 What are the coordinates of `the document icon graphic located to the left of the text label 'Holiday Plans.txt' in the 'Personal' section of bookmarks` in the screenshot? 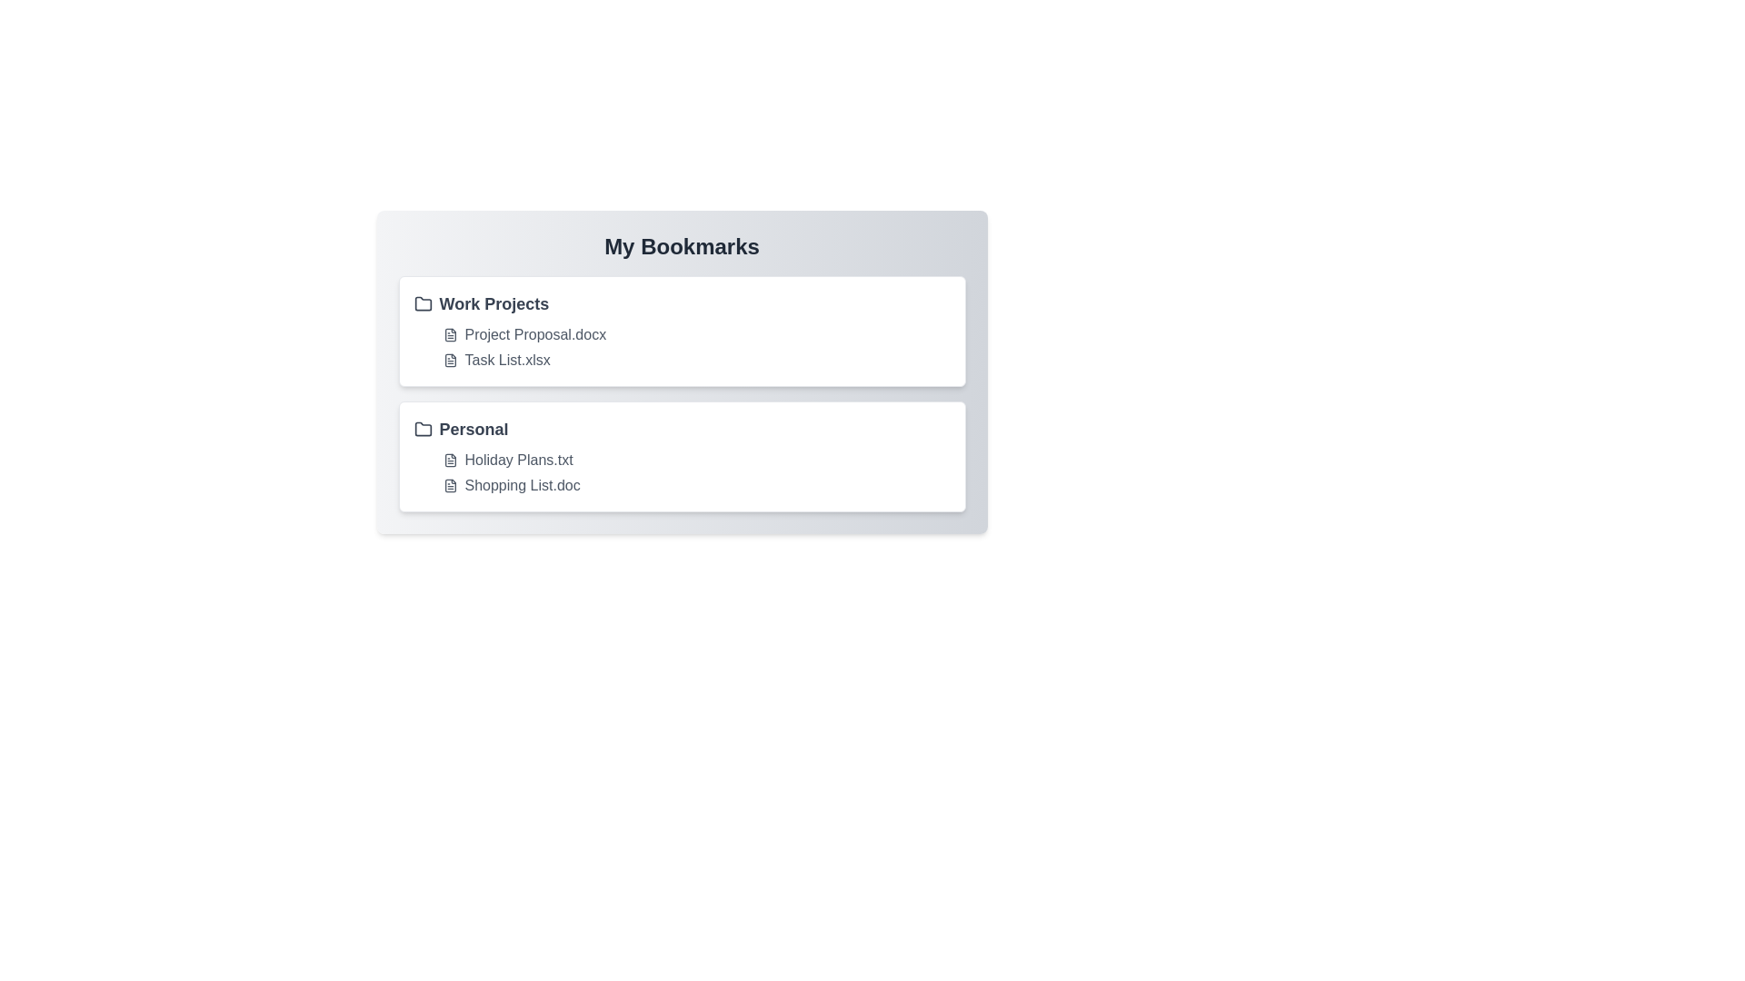 It's located at (450, 459).